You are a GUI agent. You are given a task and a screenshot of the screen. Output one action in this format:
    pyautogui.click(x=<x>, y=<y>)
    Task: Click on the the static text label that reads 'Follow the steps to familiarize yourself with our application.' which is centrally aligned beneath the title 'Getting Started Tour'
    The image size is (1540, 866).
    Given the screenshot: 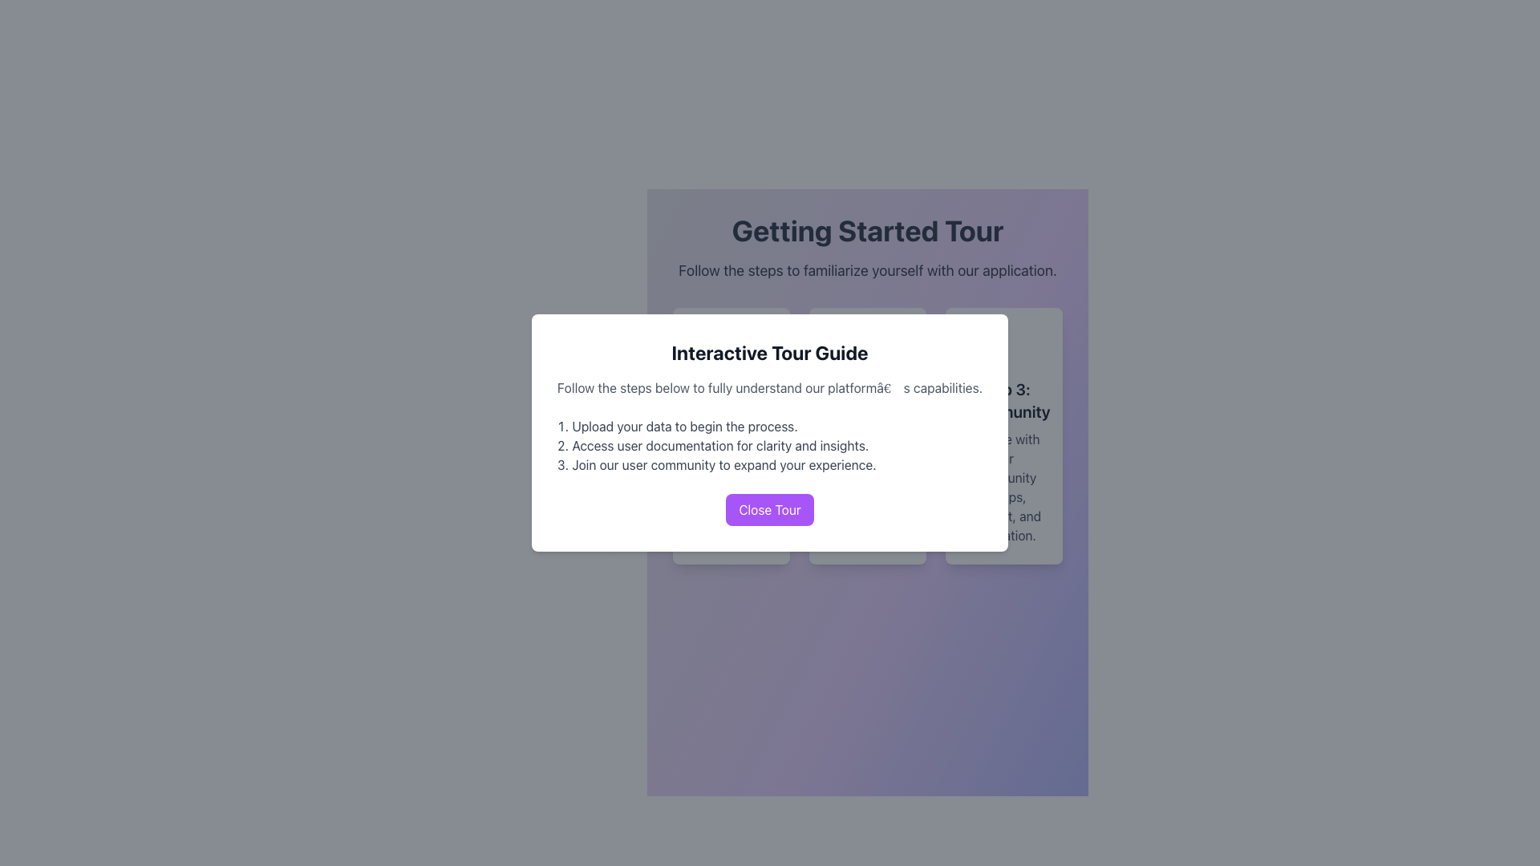 What is the action you would take?
    pyautogui.click(x=866, y=270)
    